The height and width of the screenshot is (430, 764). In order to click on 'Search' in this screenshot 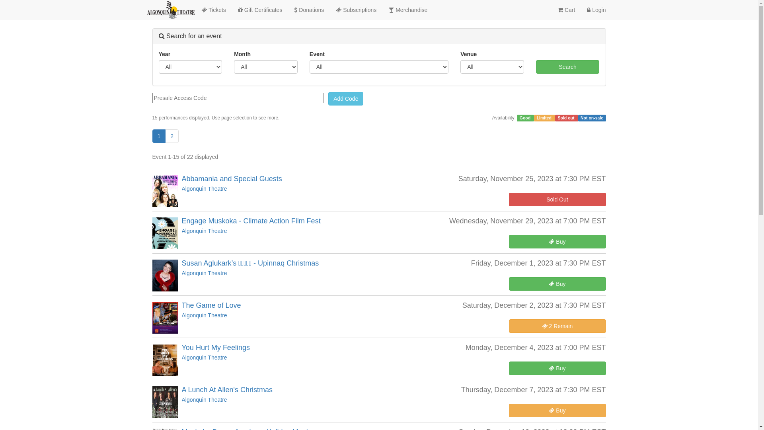, I will do `click(536, 66)`.